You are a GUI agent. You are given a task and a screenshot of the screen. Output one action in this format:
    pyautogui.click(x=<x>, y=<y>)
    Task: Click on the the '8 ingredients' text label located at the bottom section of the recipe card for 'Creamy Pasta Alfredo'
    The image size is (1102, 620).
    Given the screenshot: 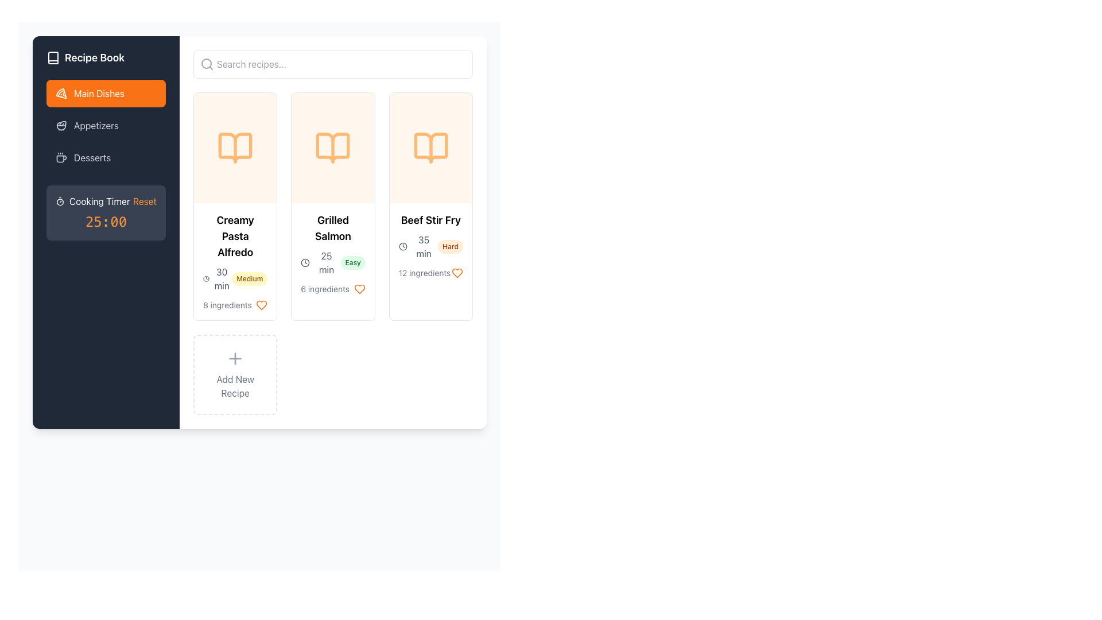 What is the action you would take?
    pyautogui.click(x=235, y=305)
    